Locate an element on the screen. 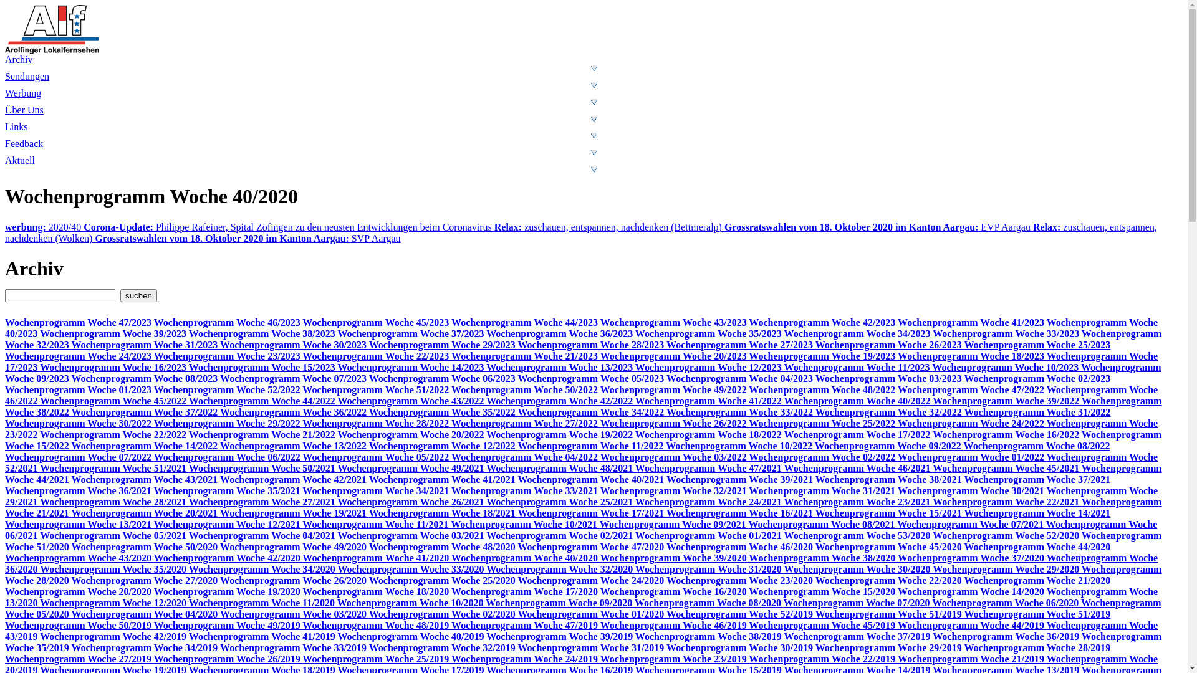  'Wochenprogramm Woche 02/2023' is located at coordinates (1037, 378).